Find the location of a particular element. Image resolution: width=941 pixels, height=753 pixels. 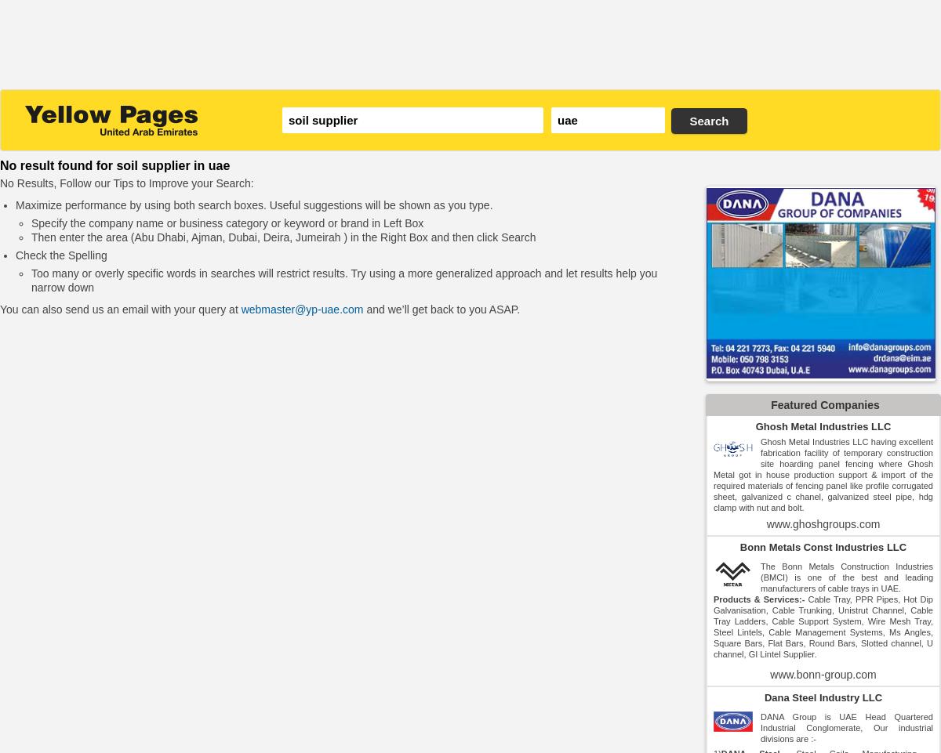

'Bonn Metals Const Industries LLC' is located at coordinates (823, 547).